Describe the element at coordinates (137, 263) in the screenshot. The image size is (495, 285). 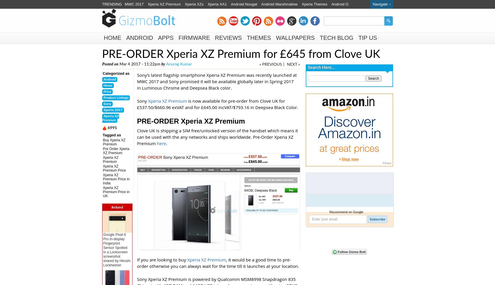
I see `', it would be a good time to pre-order otherwise you can always wait for the time till it launches at your location.'` at that location.